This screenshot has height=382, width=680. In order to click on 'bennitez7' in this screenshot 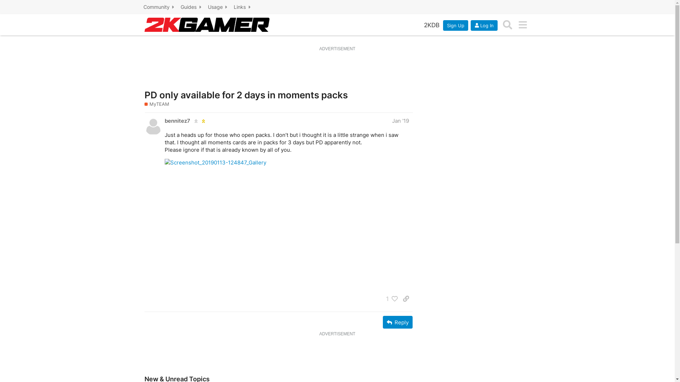, I will do `click(164, 120)`.